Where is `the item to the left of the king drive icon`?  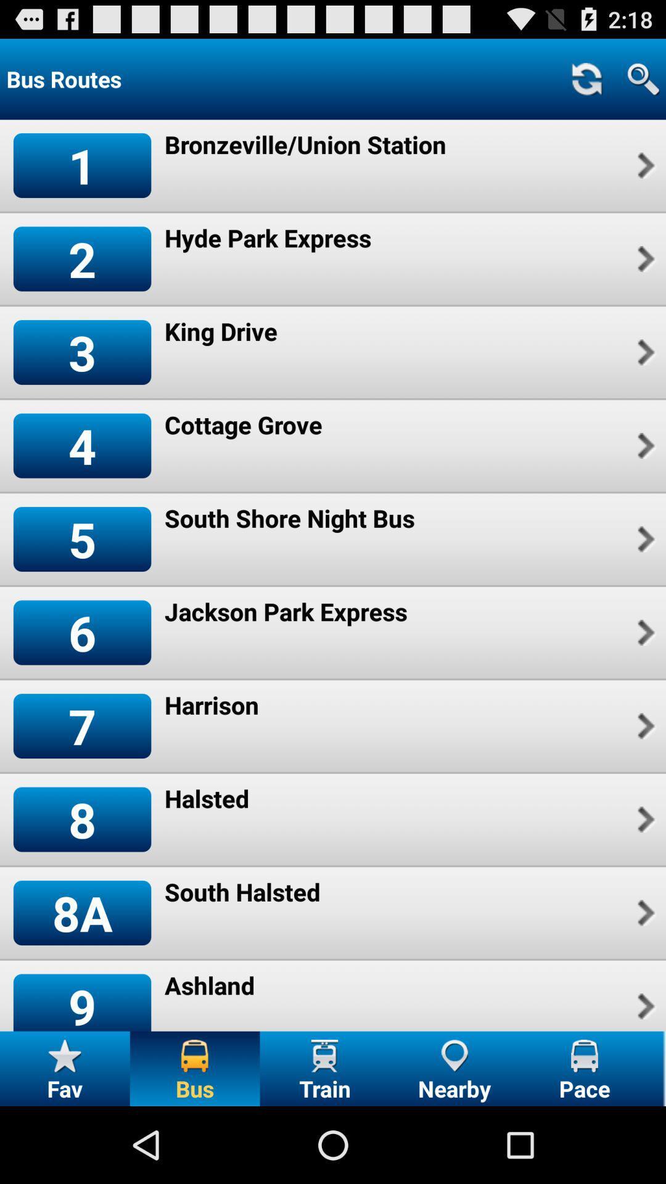
the item to the left of the king drive icon is located at coordinates (82, 351).